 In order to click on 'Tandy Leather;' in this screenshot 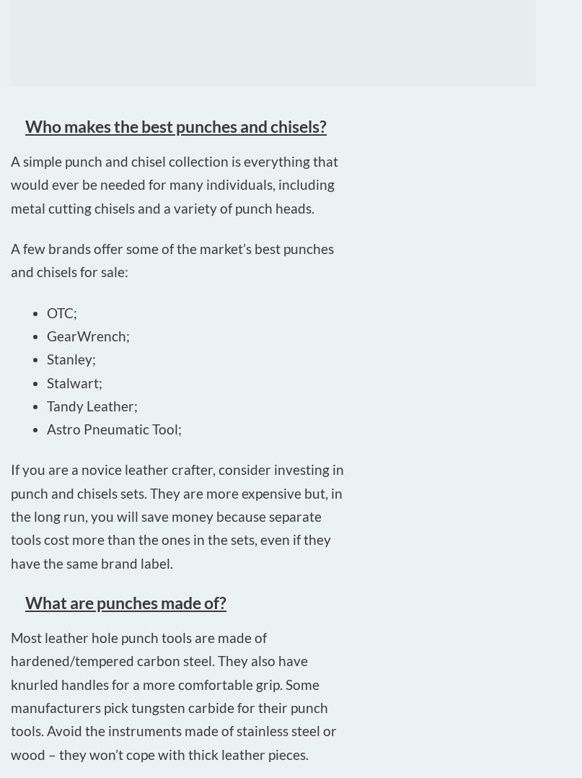, I will do `click(91, 404)`.